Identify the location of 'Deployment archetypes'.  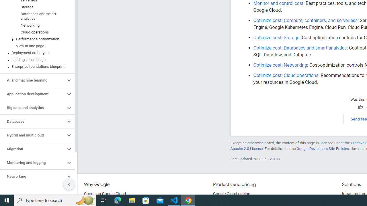
(36, 53).